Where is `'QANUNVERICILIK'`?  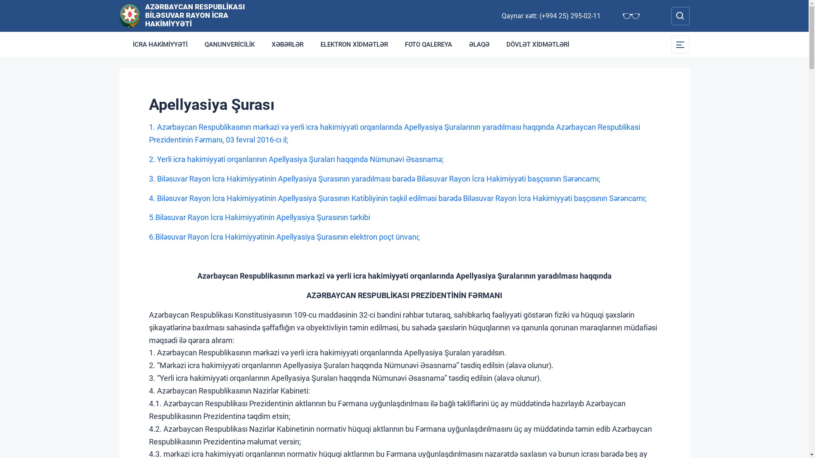
'QANUNVERICILIK' is located at coordinates (230, 44).